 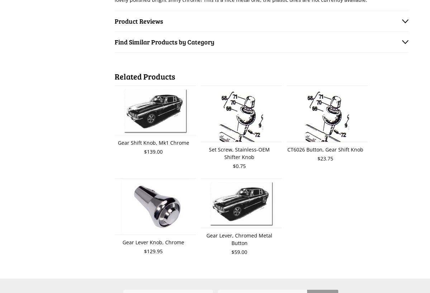 I want to click on '$0.75', so click(x=239, y=165).